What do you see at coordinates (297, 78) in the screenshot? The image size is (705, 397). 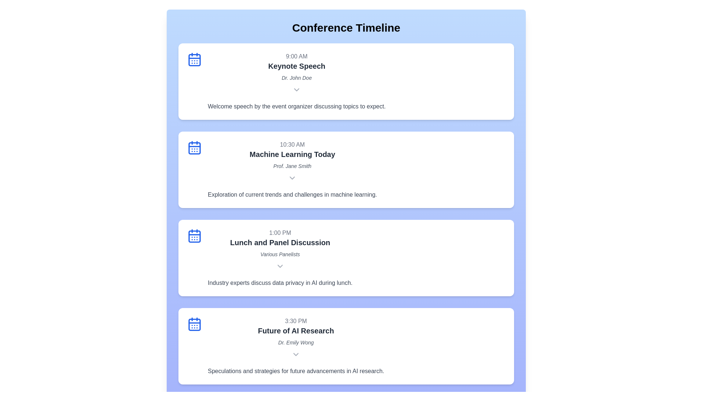 I see `the italicized text label displaying 'Dr. John Doe' located in the first timeline card beneath the title 'Keynote Speech' and above the descriptive text, following the time indicator '9:00 AM'` at bounding box center [297, 78].